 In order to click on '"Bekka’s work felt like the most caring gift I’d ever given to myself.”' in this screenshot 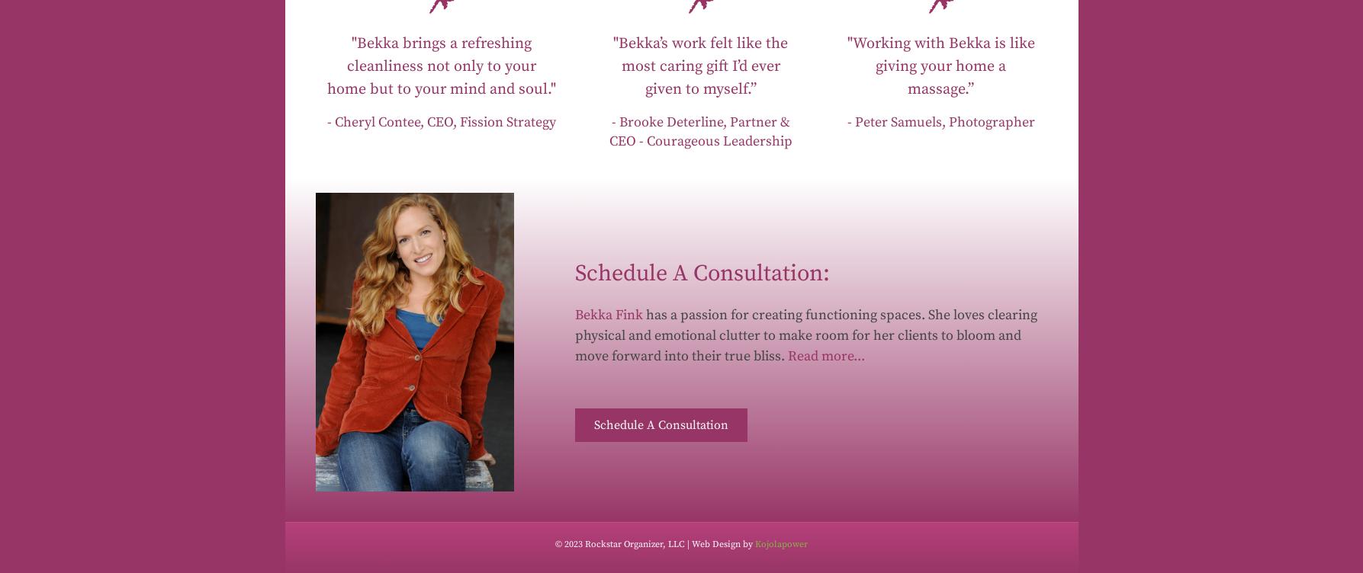, I will do `click(612, 66)`.